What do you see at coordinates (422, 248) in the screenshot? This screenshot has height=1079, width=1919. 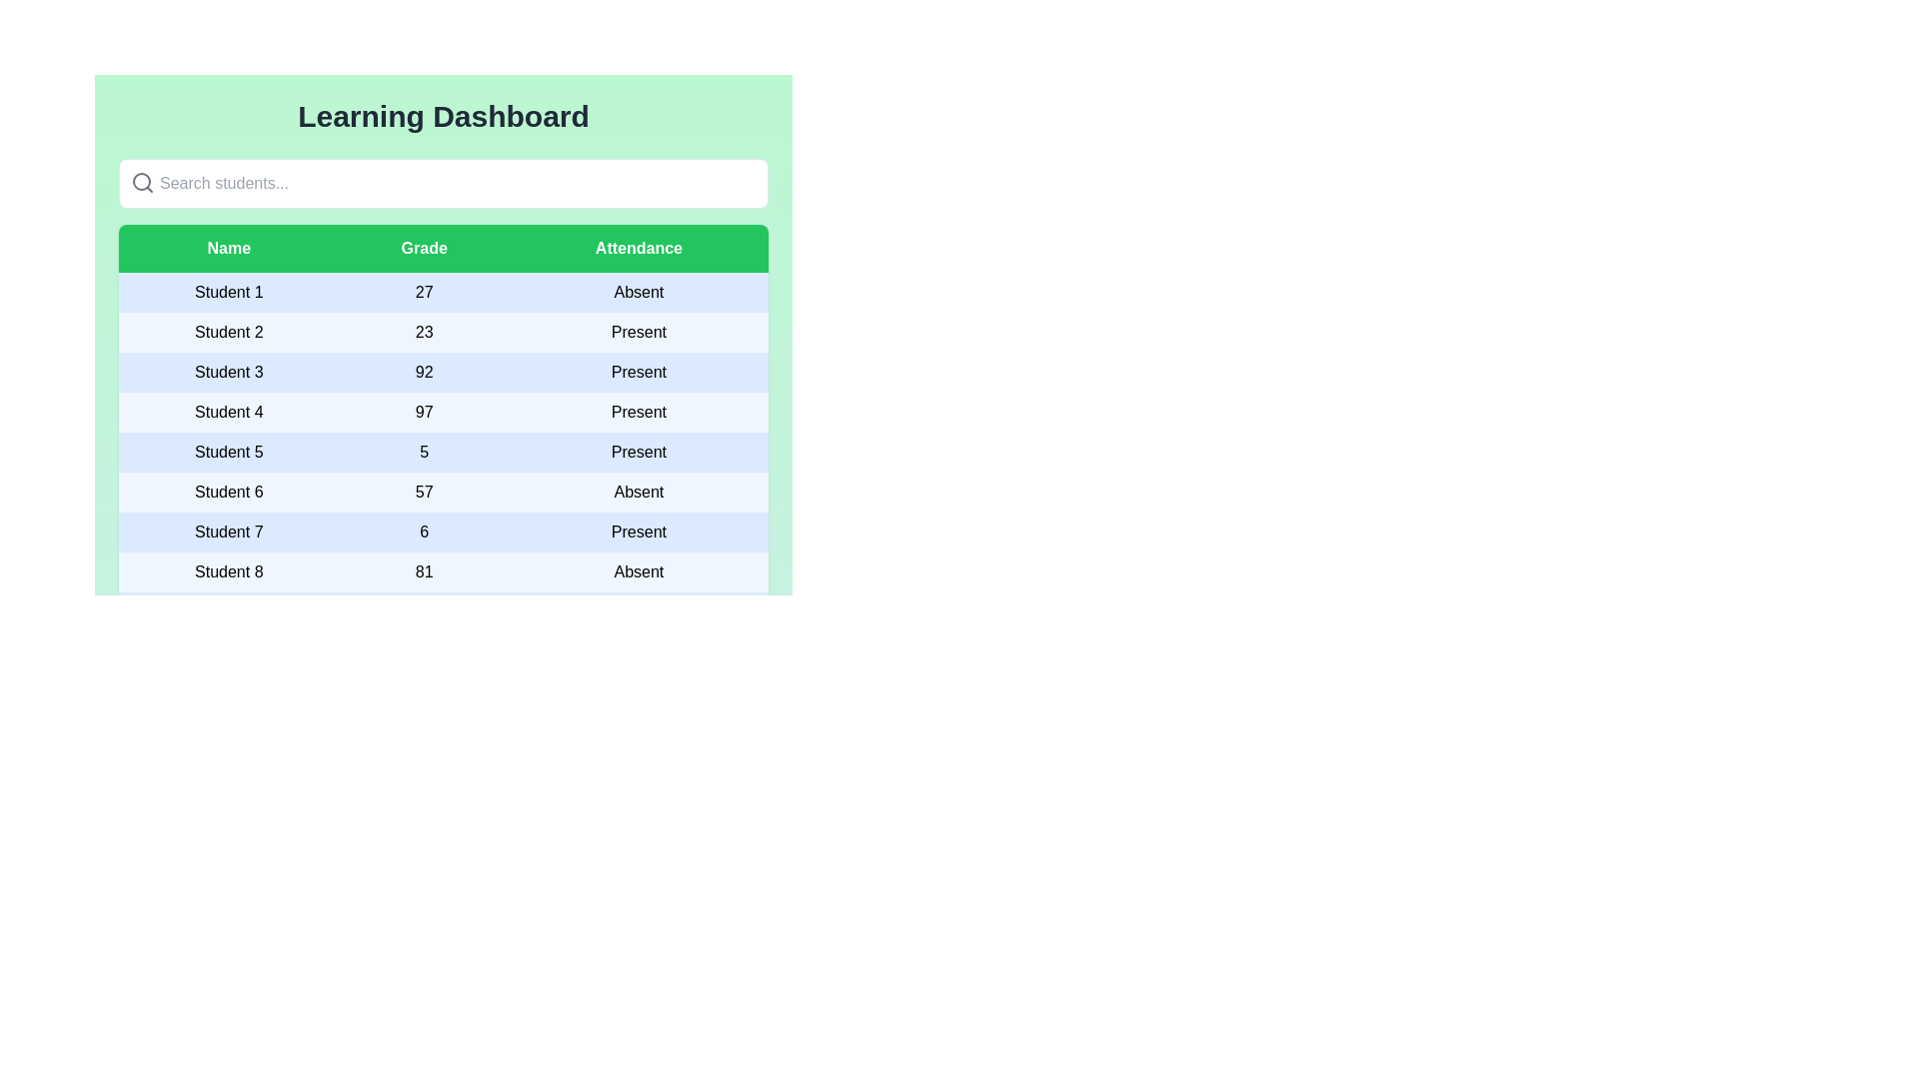 I see `the table header labeled Grade to sort the data` at bounding box center [422, 248].